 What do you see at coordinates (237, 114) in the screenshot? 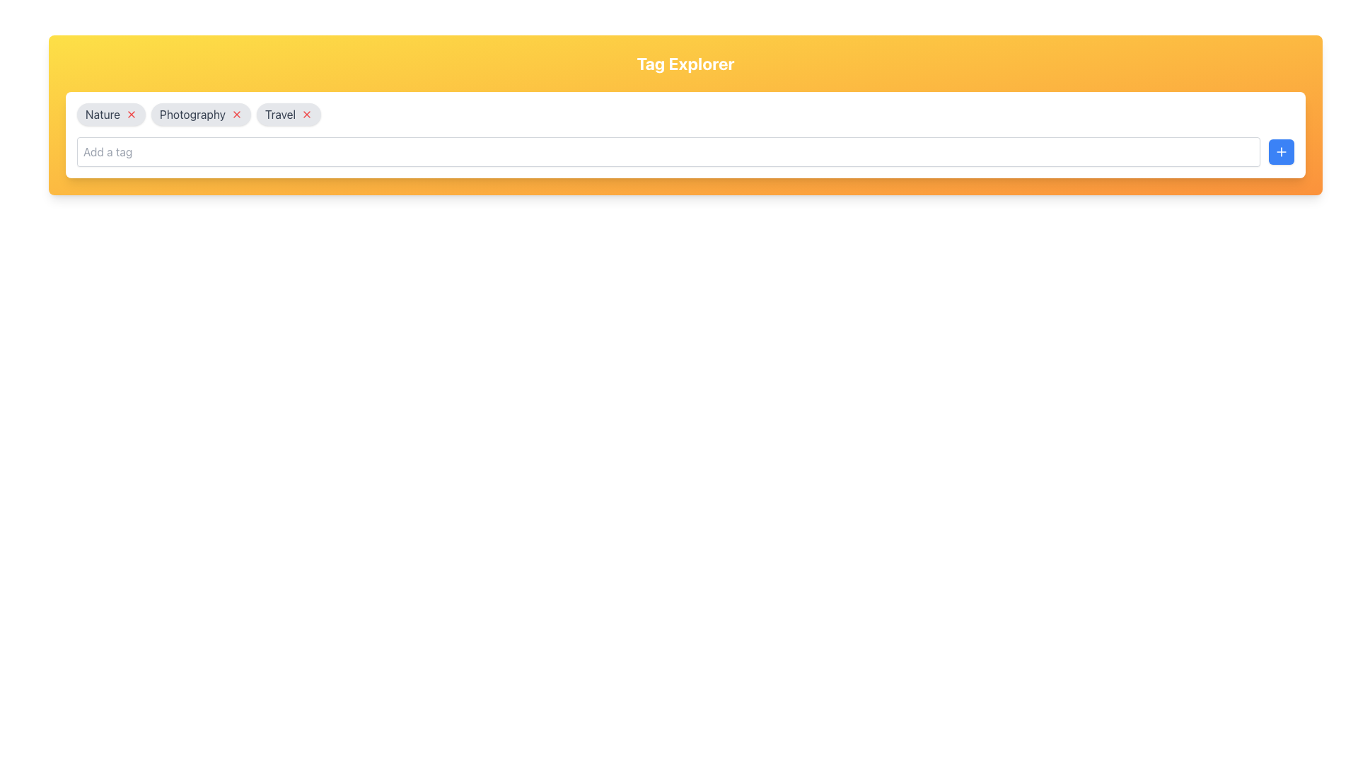
I see `the small, circular, red-colored icon with a cross ('X') symbol, located to the right of the text 'Photography'` at bounding box center [237, 114].